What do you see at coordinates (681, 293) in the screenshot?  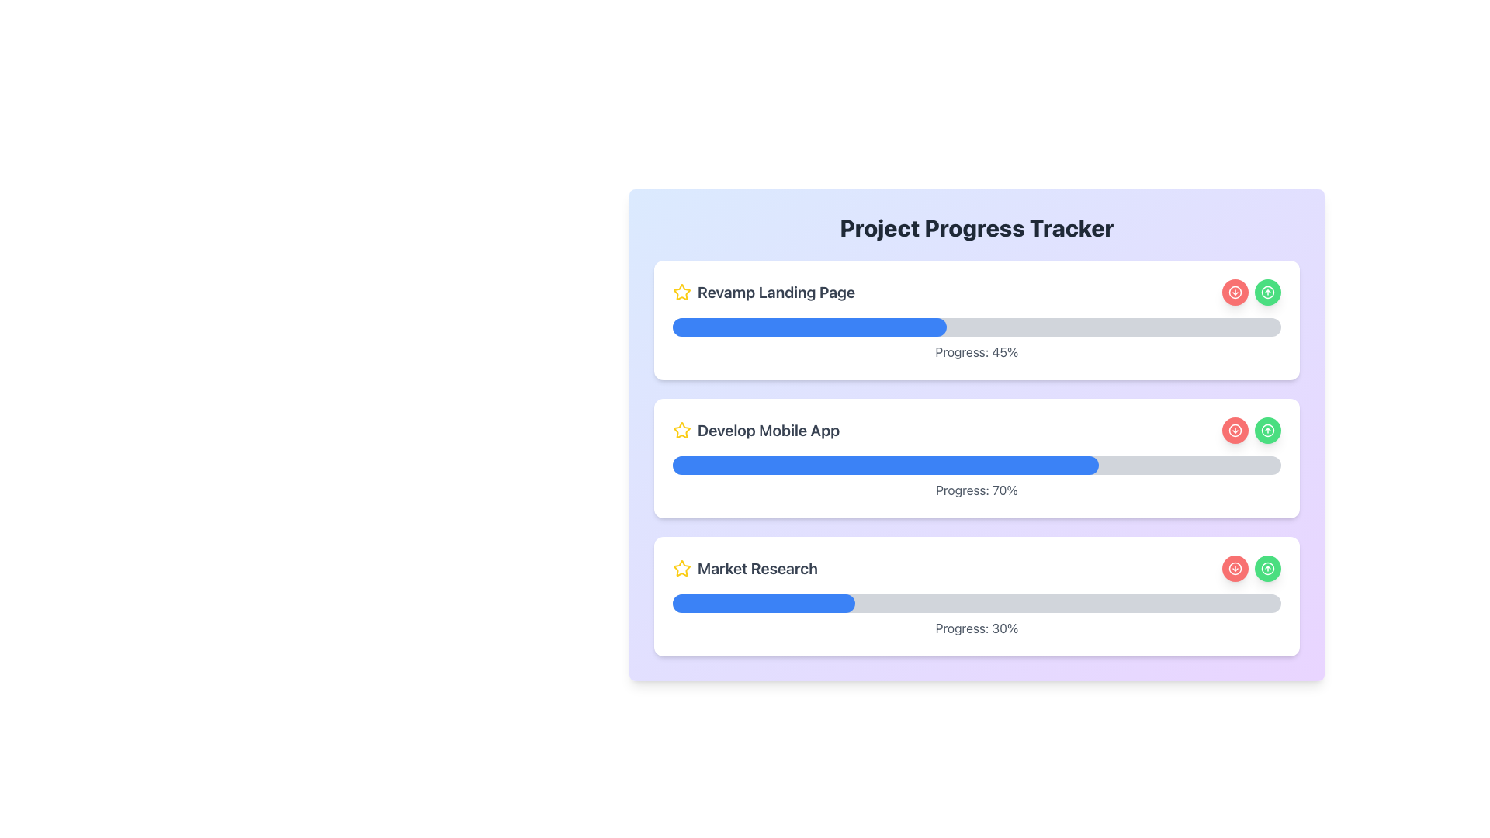 I see `the leftmost icon associated with the label 'Revamp Landing Page', which indicates a priority or status` at bounding box center [681, 293].